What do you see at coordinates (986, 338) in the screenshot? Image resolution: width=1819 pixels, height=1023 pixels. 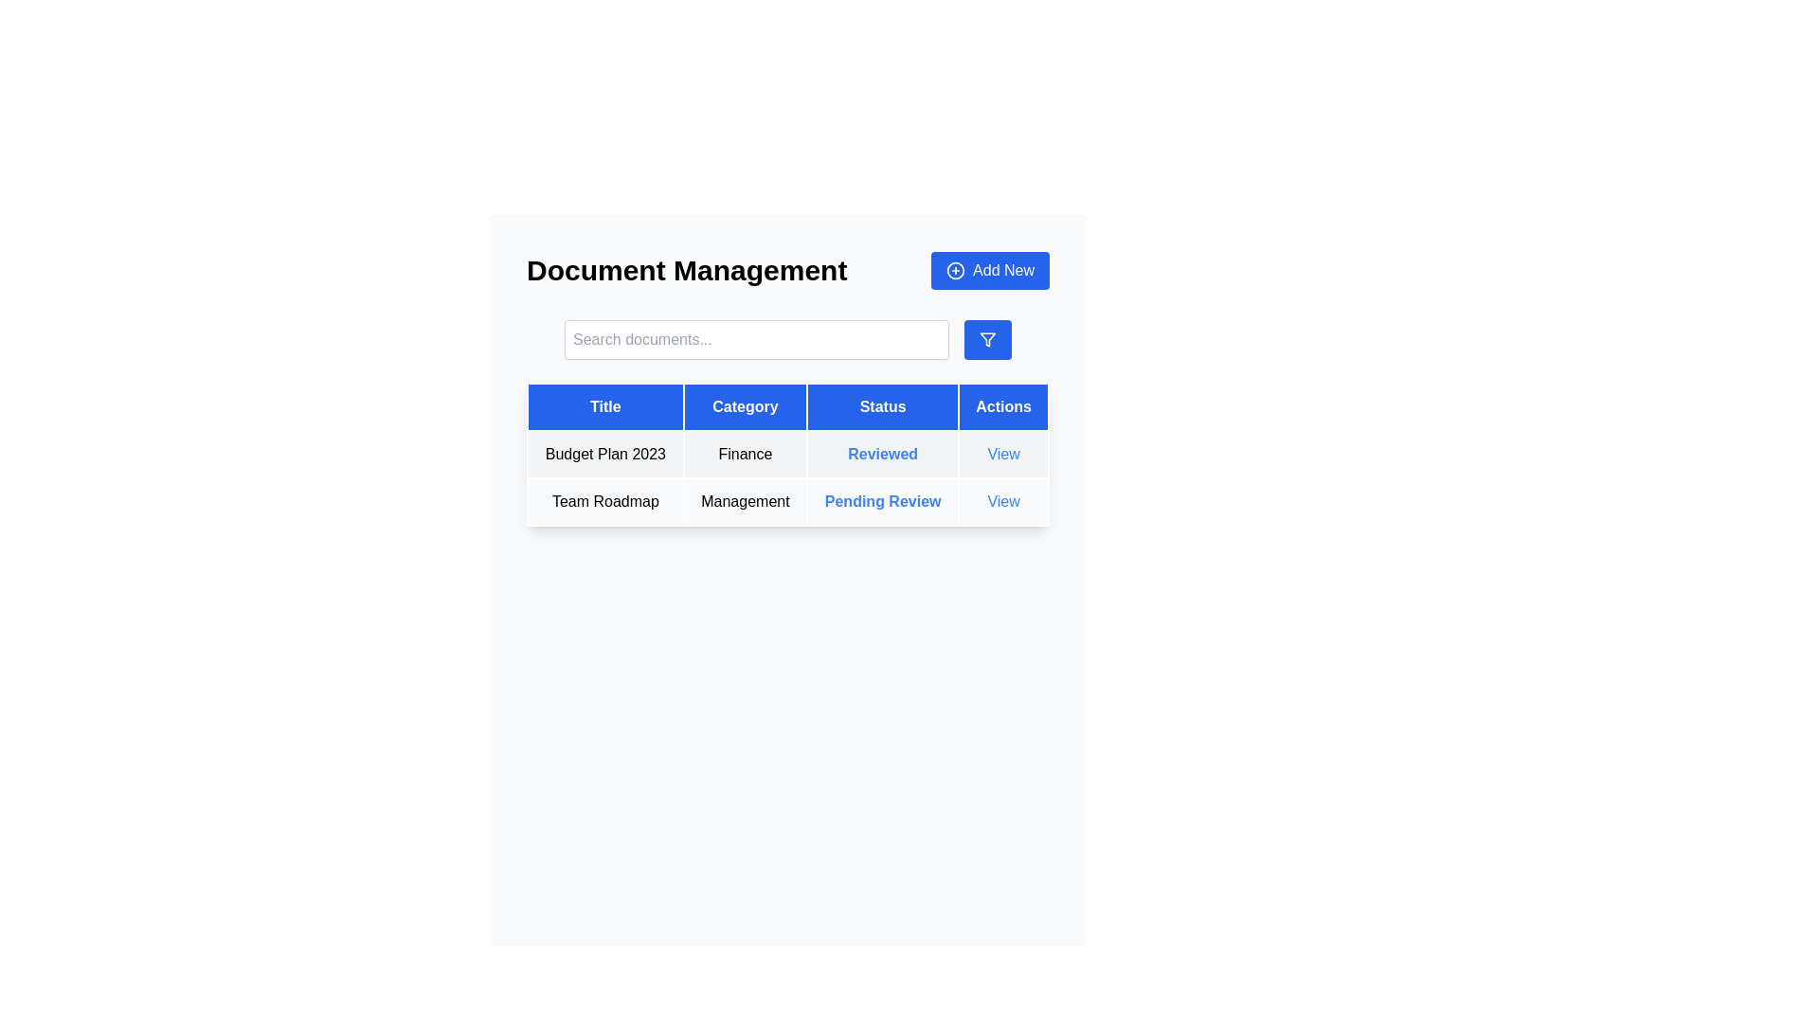 I see `the funnel-shaped filter icon contained within a bright blue button` at bounding box center [986, 338].